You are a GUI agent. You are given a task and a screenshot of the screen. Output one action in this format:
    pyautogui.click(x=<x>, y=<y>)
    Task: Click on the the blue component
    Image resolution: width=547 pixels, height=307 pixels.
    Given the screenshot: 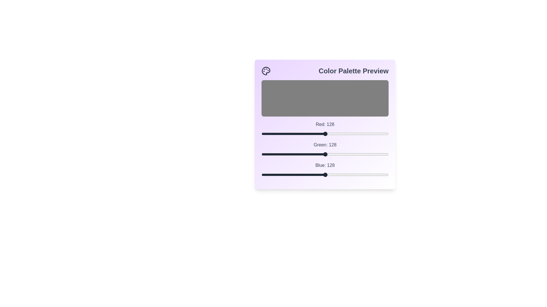 What is the action you would take?
    pyautogui.click(x=372, y=174)
    